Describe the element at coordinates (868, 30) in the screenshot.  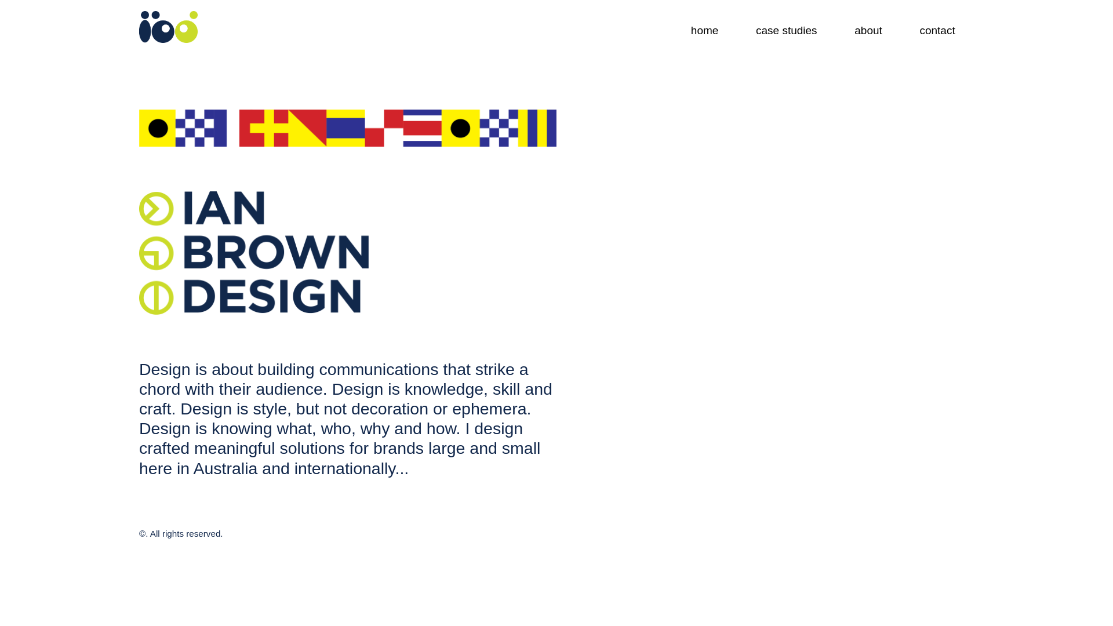
I see `'about'` at that location.